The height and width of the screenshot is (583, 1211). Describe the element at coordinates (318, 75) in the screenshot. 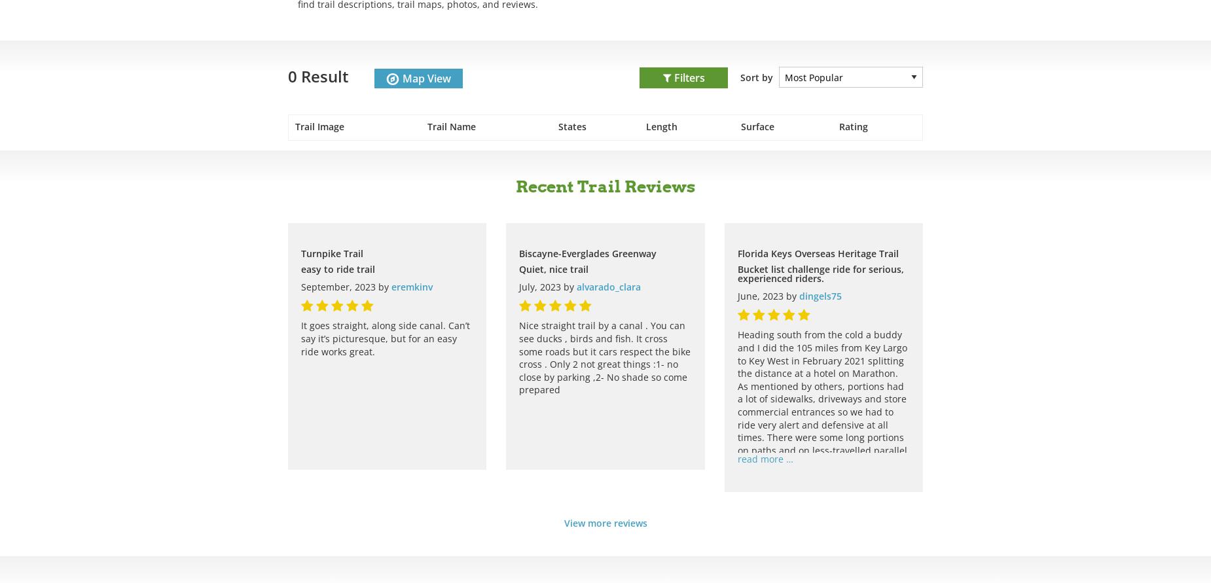

I see `'0 Result'` at that location.